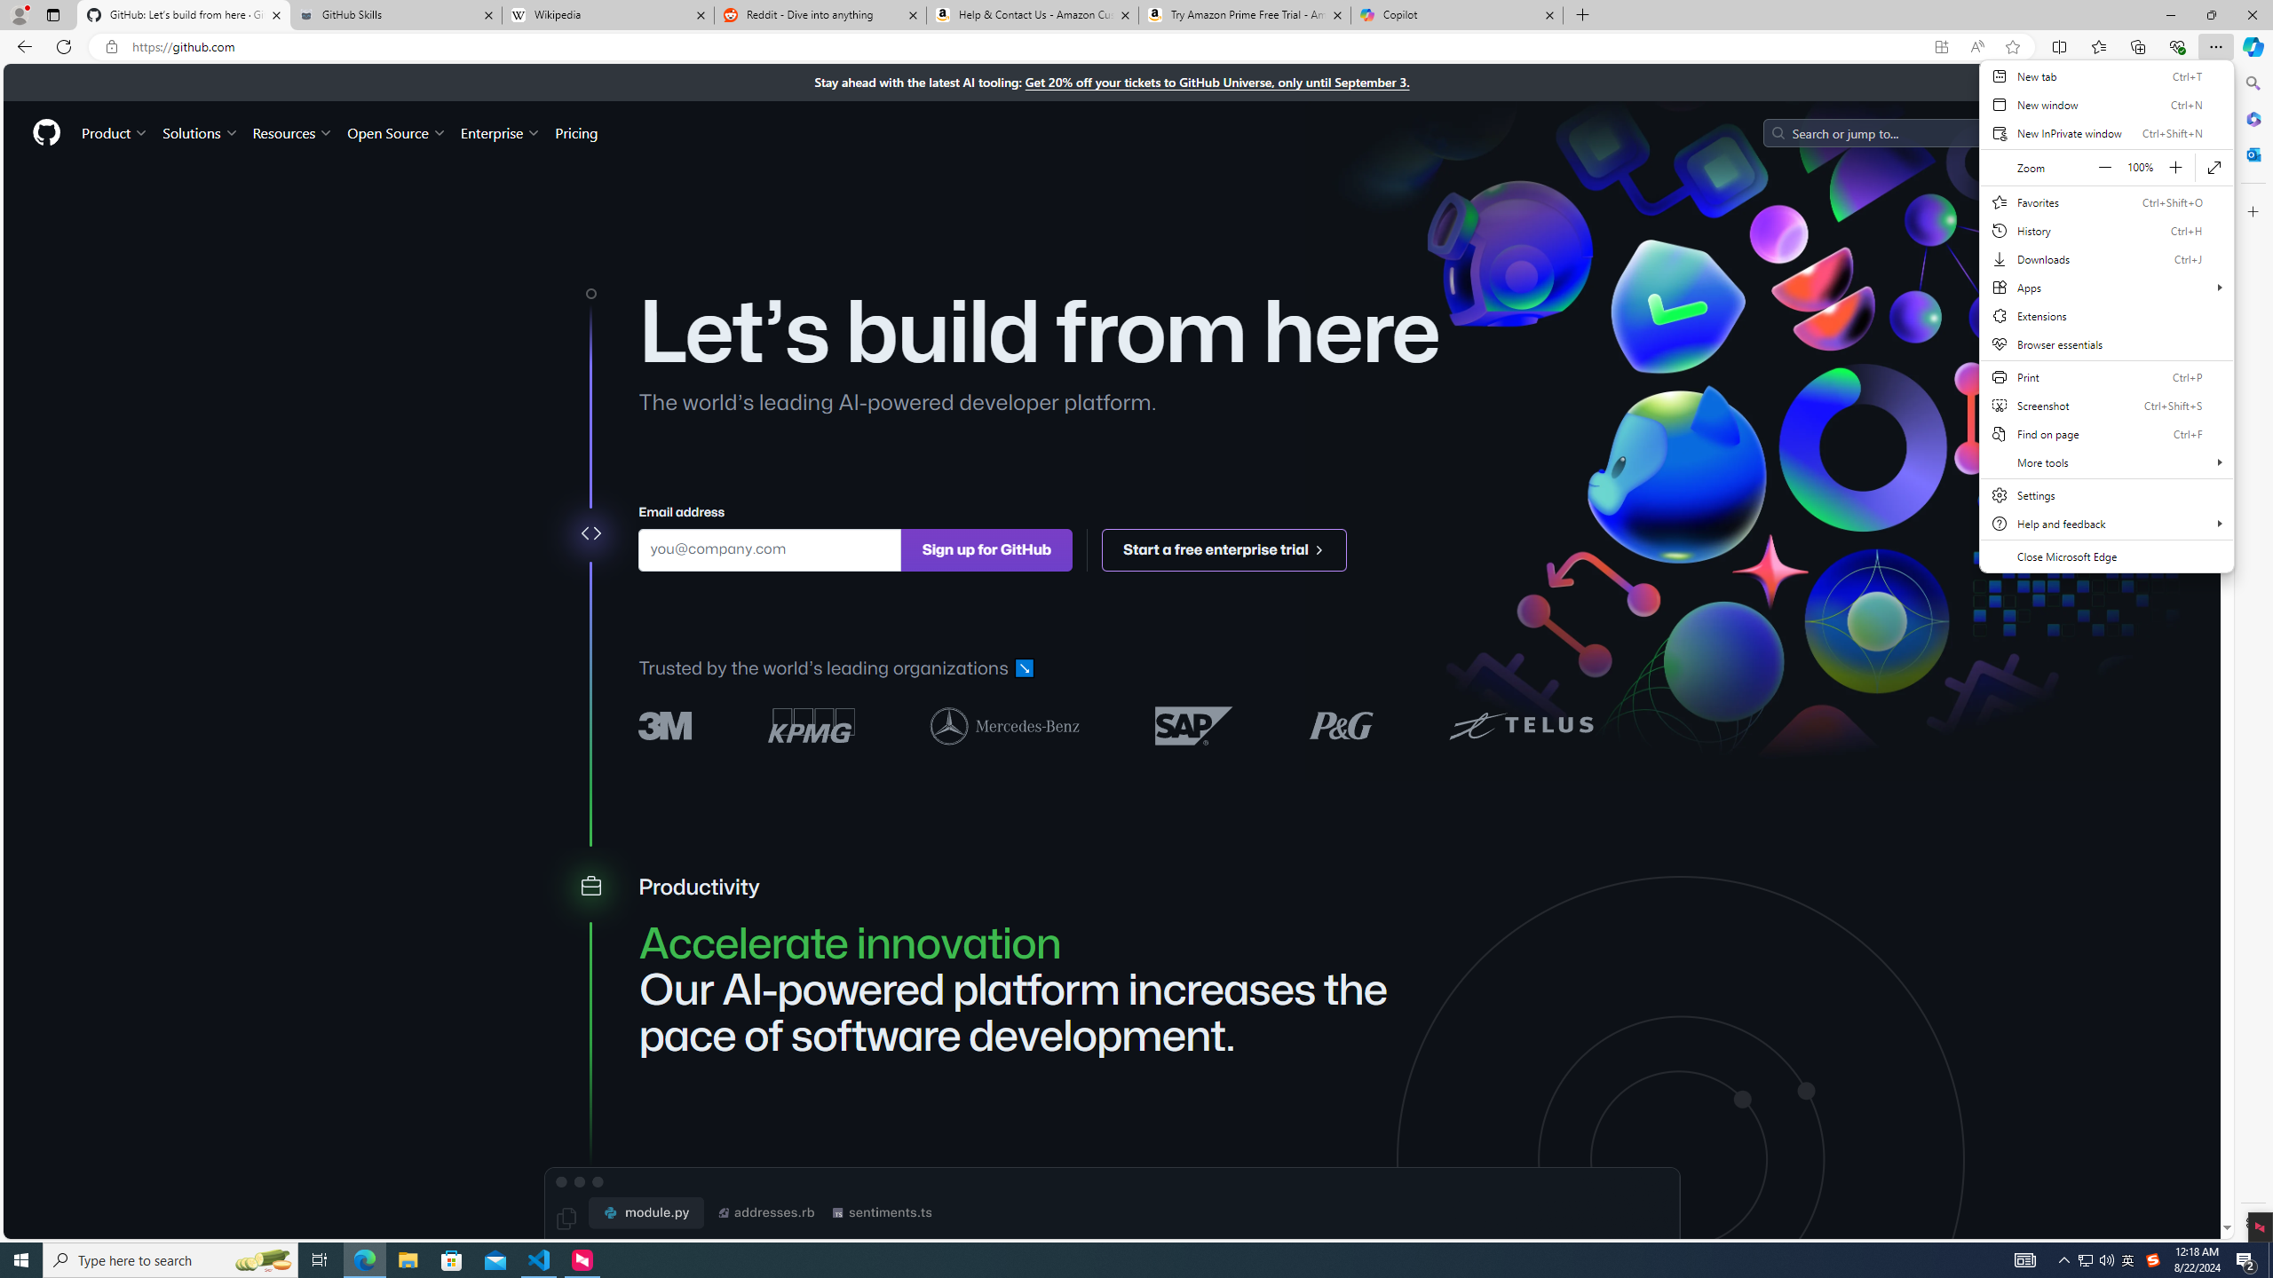 This screenshot has width=2273, height=1278. I want to click on 'Help and feedback', so click(2106, 523).